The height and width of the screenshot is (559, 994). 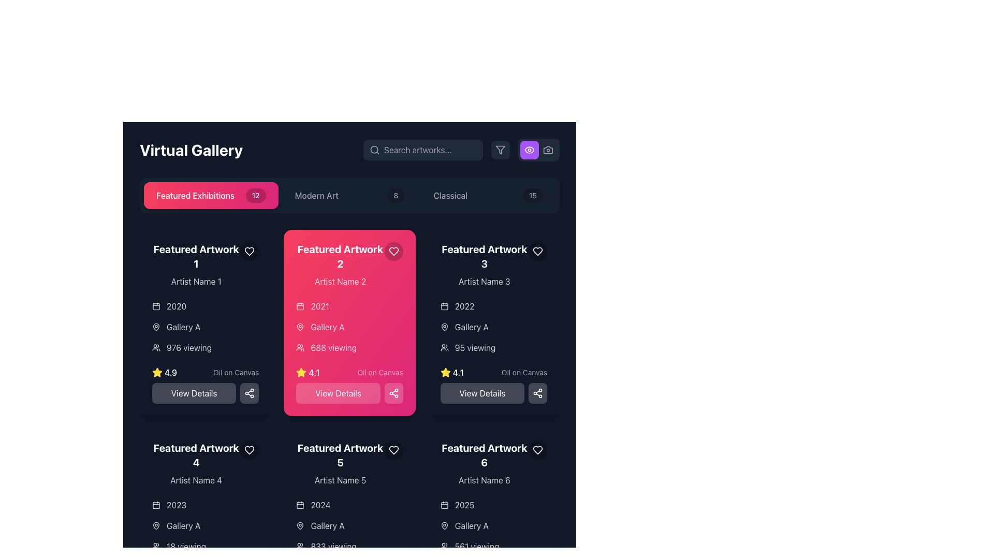 What do you see at coordinates (164, 373) in the screenshot?
I see `the text label element that visually represents a rating or score, located in the bottom-left section of the card labeled 'Featured Artwork 1', aligned with a yellow star icon` at bounding box center [164, 373].